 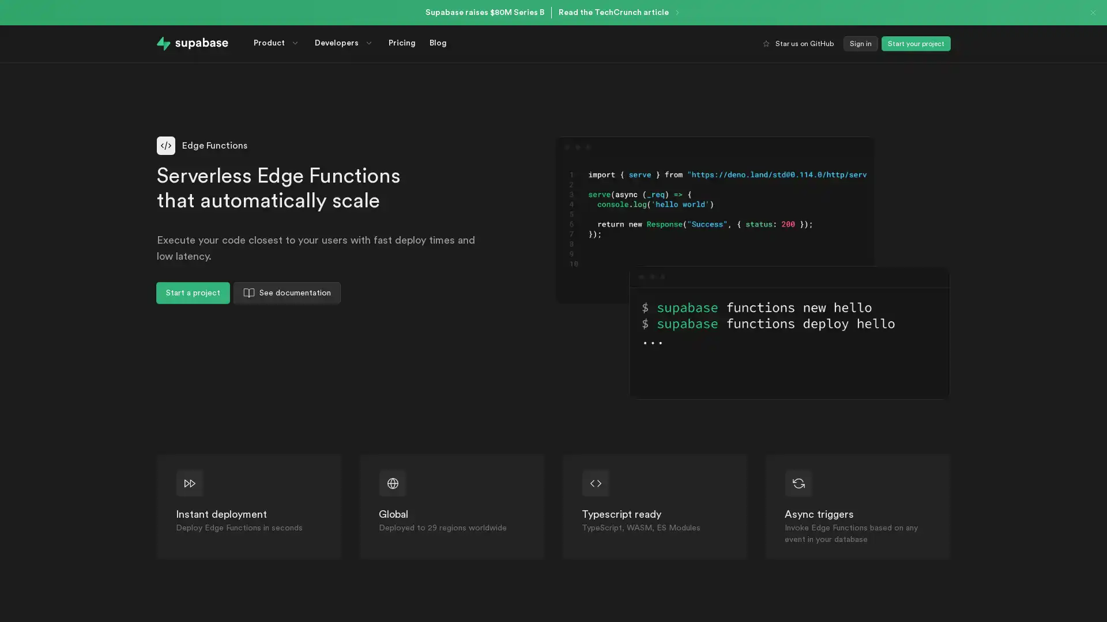 I want to click on See documentation, so click(x=287, y=293).